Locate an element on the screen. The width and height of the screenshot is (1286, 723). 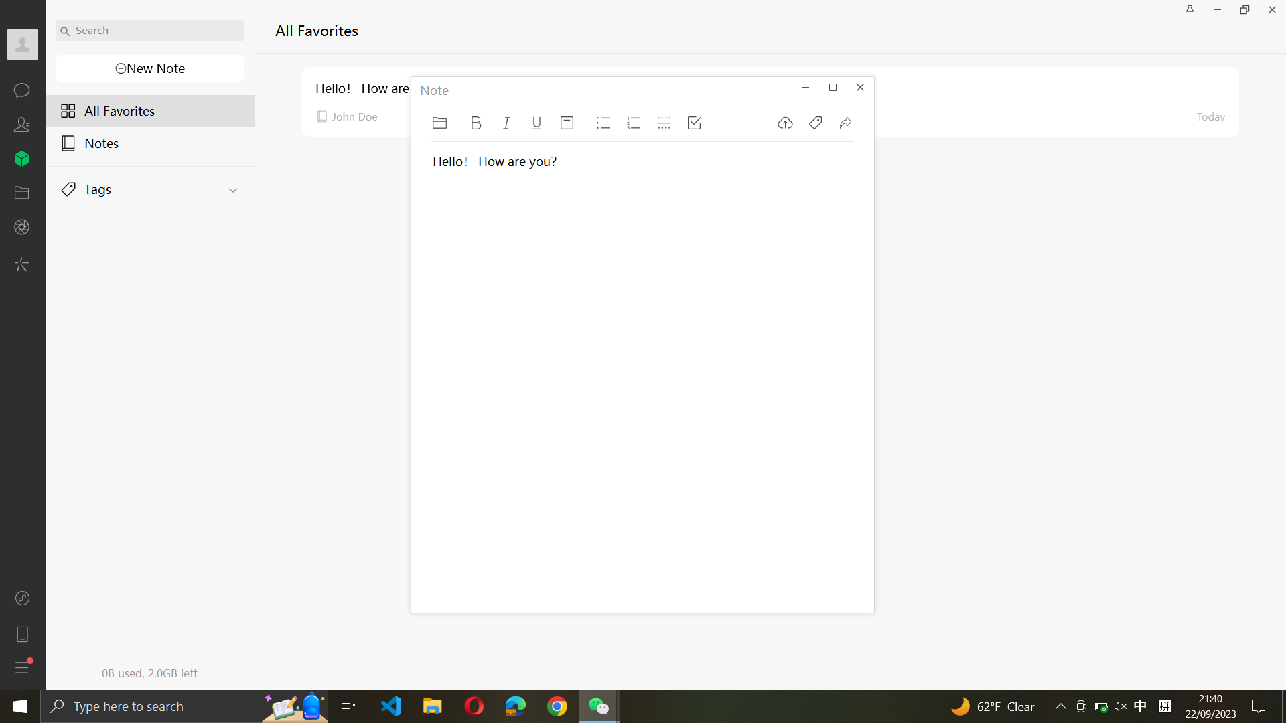
Maximize the current note window is located at coordinates (832, 86).